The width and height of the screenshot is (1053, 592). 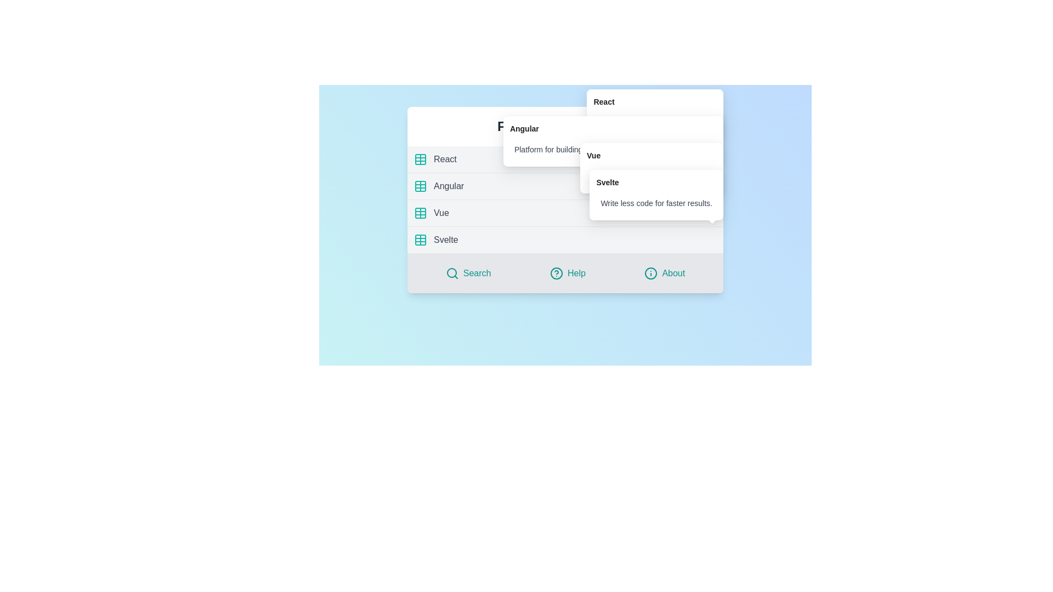 I want to click on the grid icon component located in the second cell from the top, to the left of the 'Vue' label, so click(x=420, y=213).